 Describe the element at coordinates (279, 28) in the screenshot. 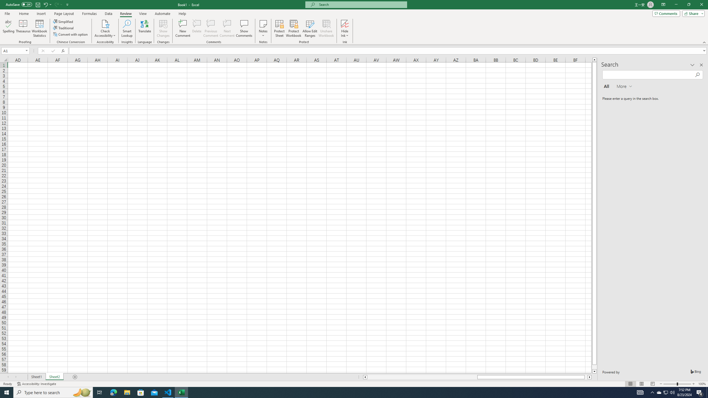

I see `'Protect Sheet...'` at that location.